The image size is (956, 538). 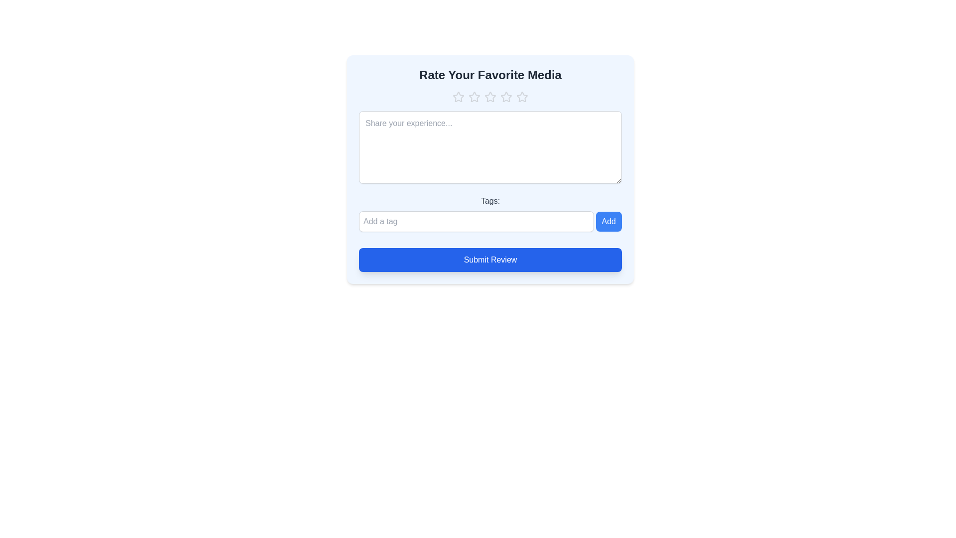 I want to click on the third star icon from the left, so click(x=490, y=97).